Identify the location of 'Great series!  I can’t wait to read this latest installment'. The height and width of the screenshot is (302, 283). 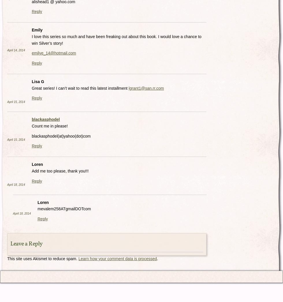
(31, 87).